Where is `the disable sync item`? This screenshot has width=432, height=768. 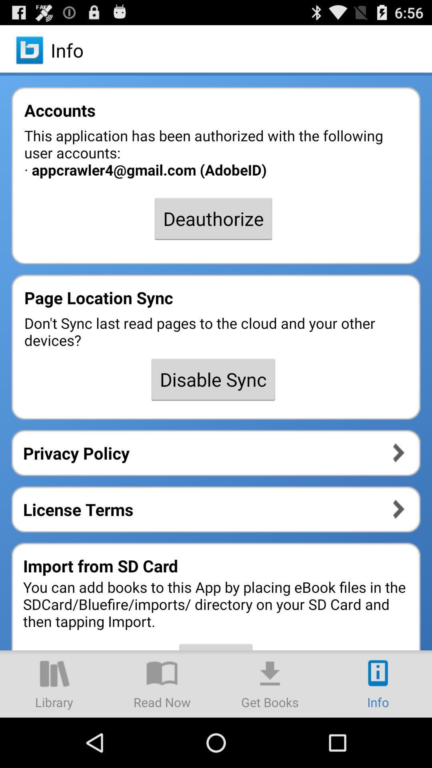 the disable sync item is located at coordinates (213, 379).